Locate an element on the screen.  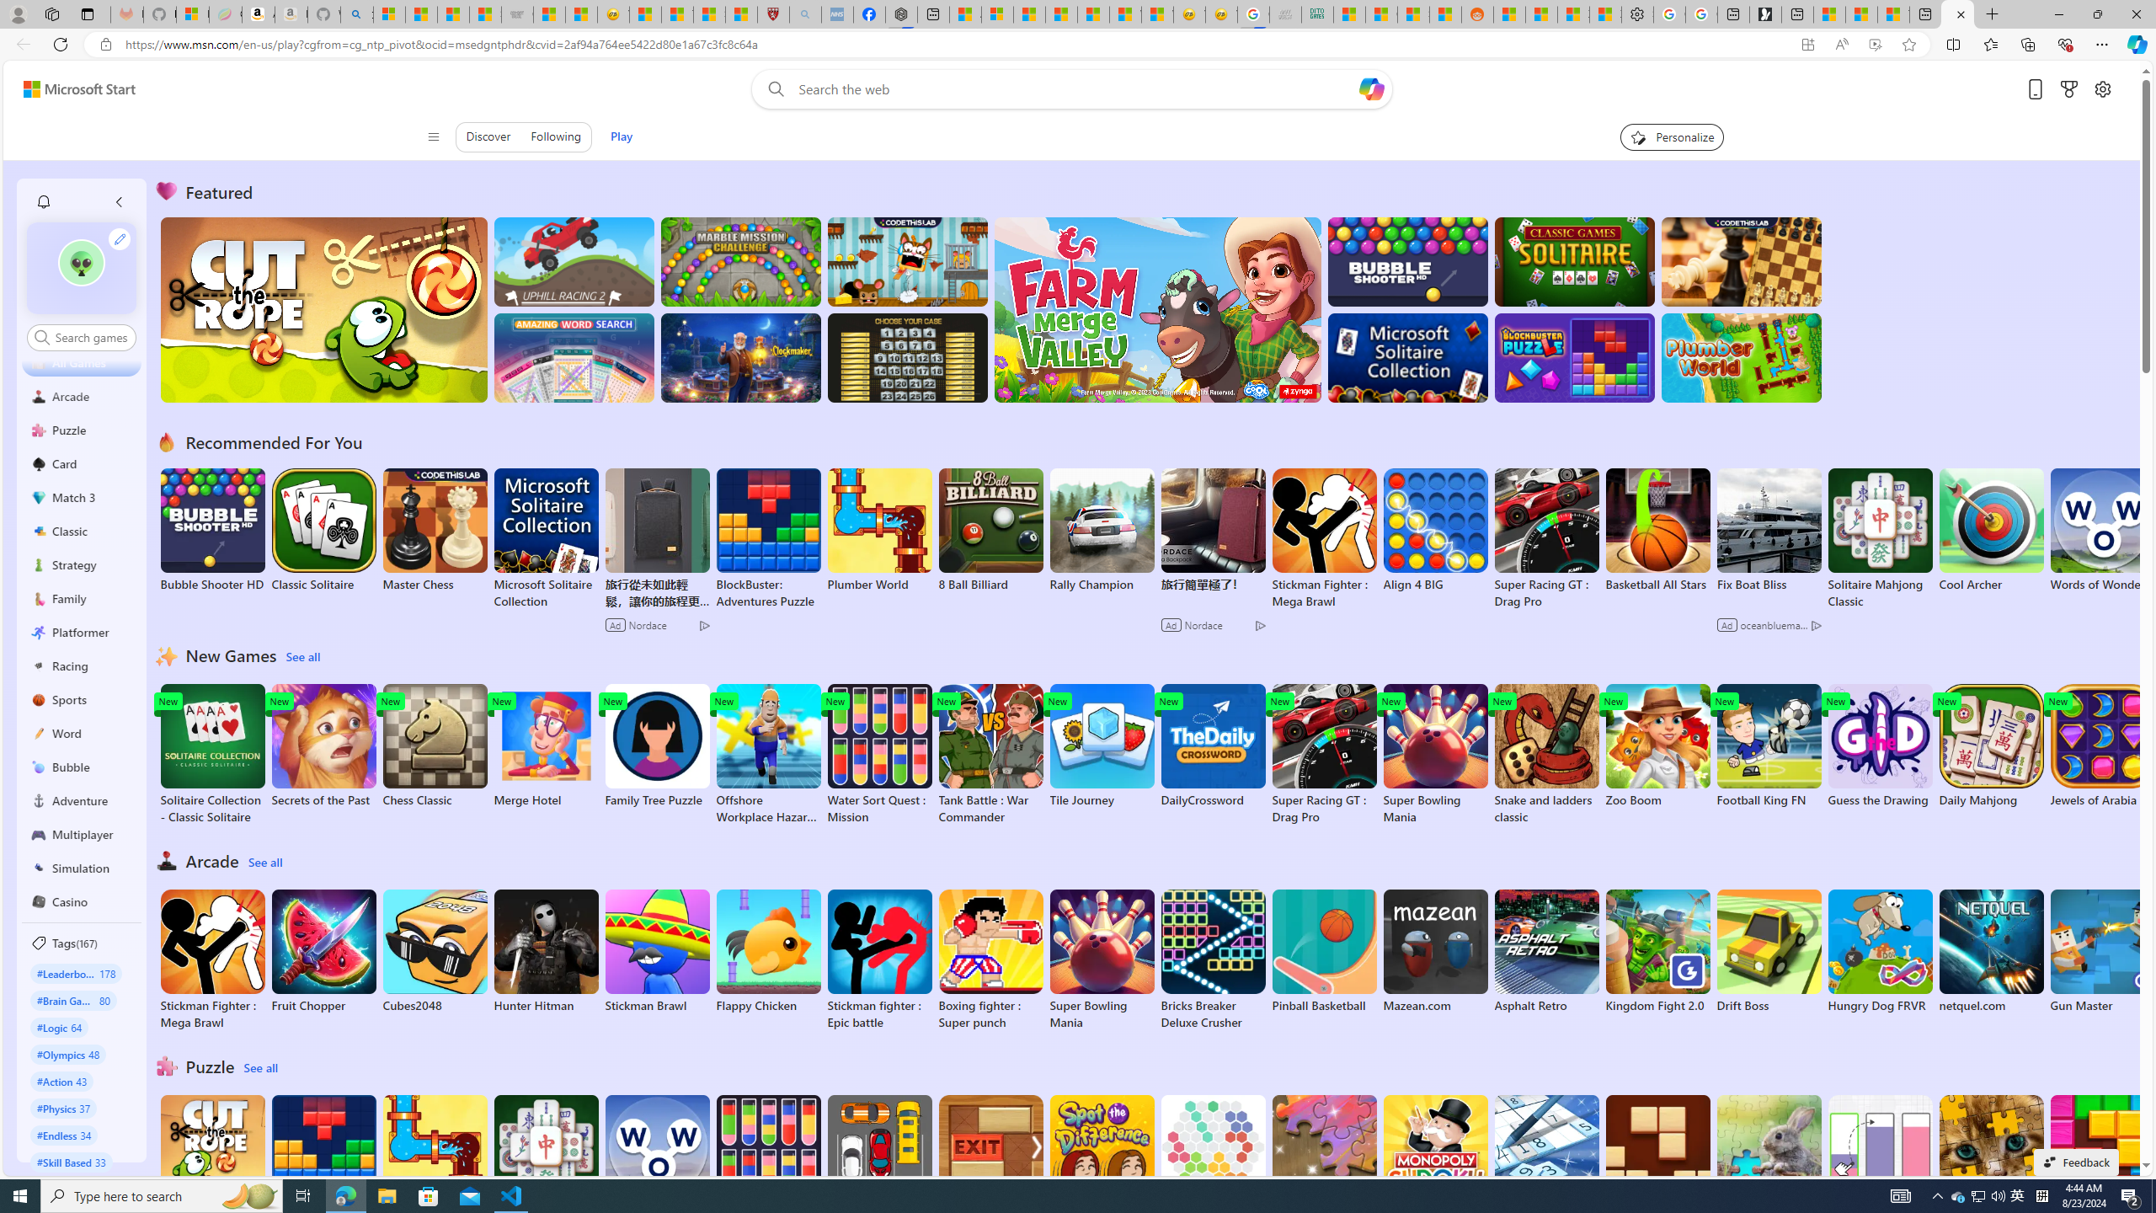
'Asphalt Retro' is located at coordinates (1545, 951).